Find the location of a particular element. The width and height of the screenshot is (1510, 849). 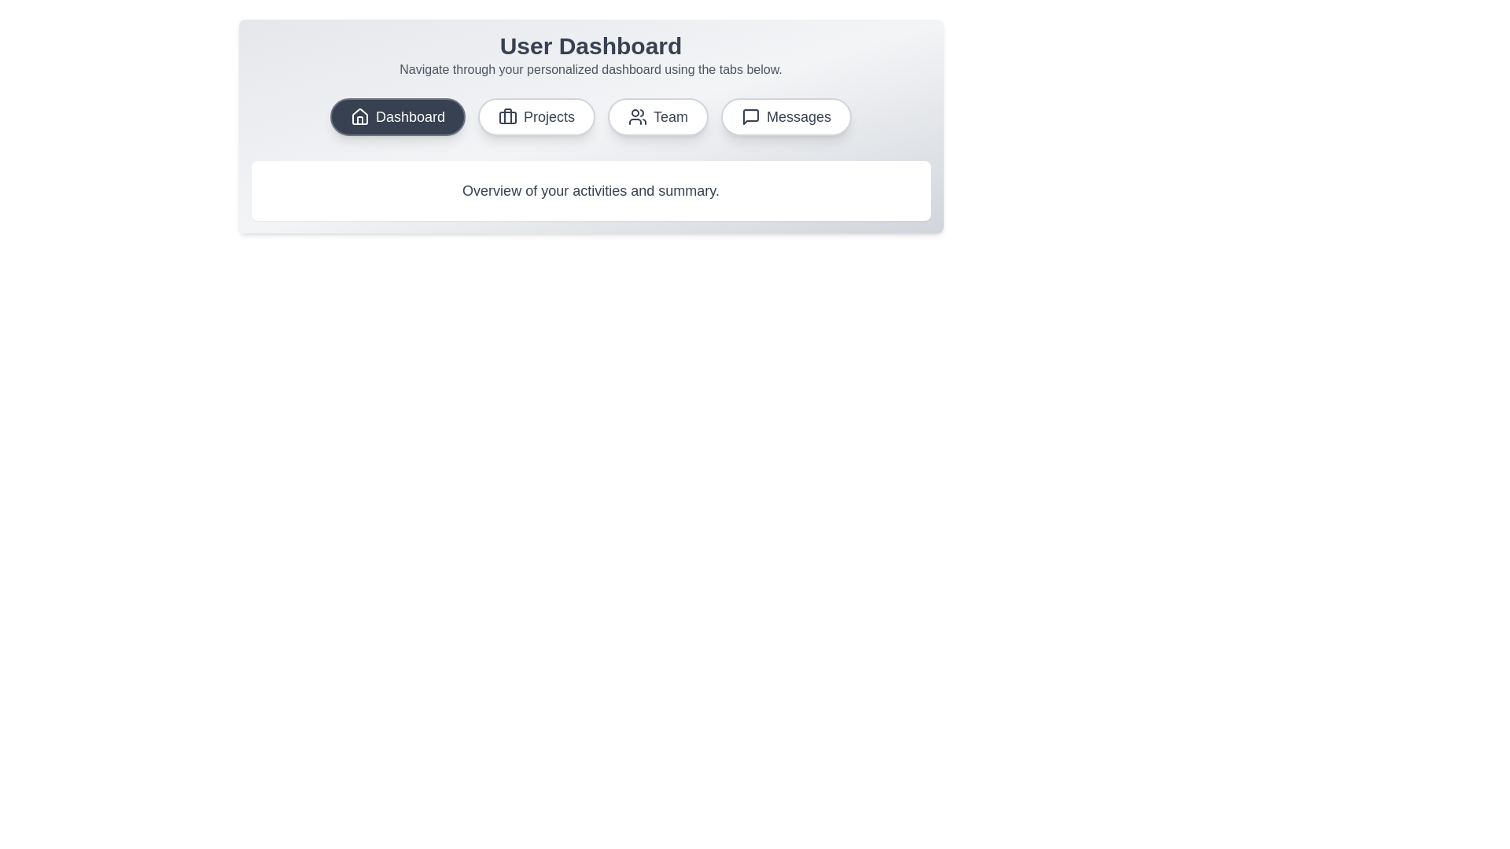

the tab corresponding to Projects is located at coordinates (536, 116).